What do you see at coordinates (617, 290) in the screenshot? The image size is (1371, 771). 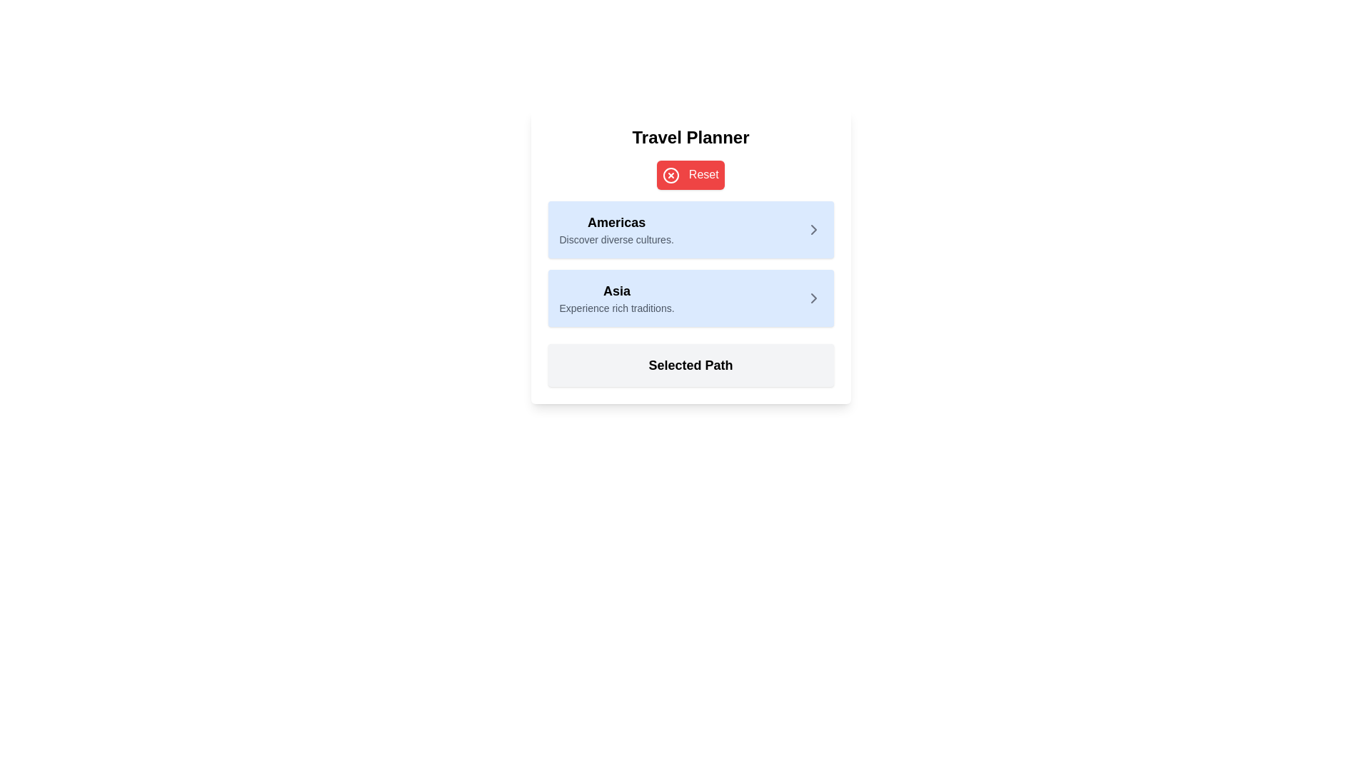 I see `the Text label identifying the region represented by 'Asia', located within the second selectable list item under the 'Travel Planner' section` at bounding box center [617, 290].